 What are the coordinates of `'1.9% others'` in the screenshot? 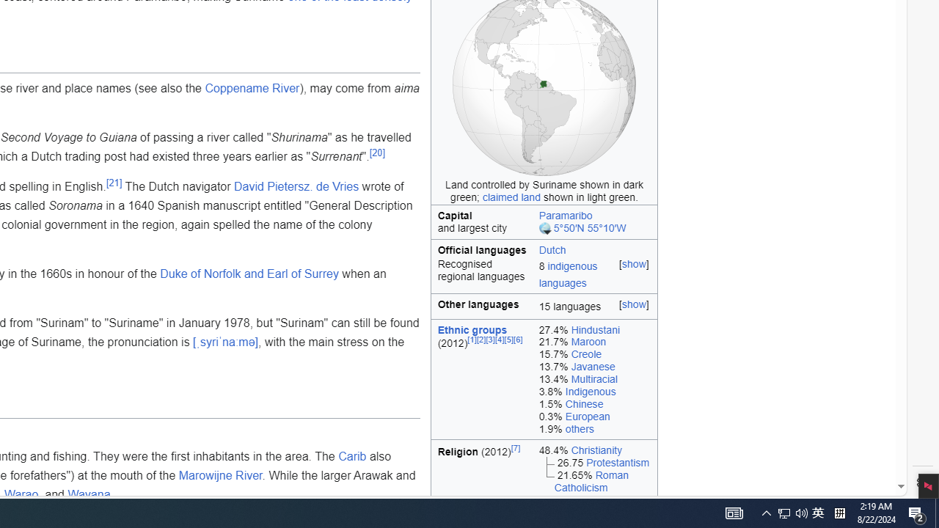 It's located at (594, 429).